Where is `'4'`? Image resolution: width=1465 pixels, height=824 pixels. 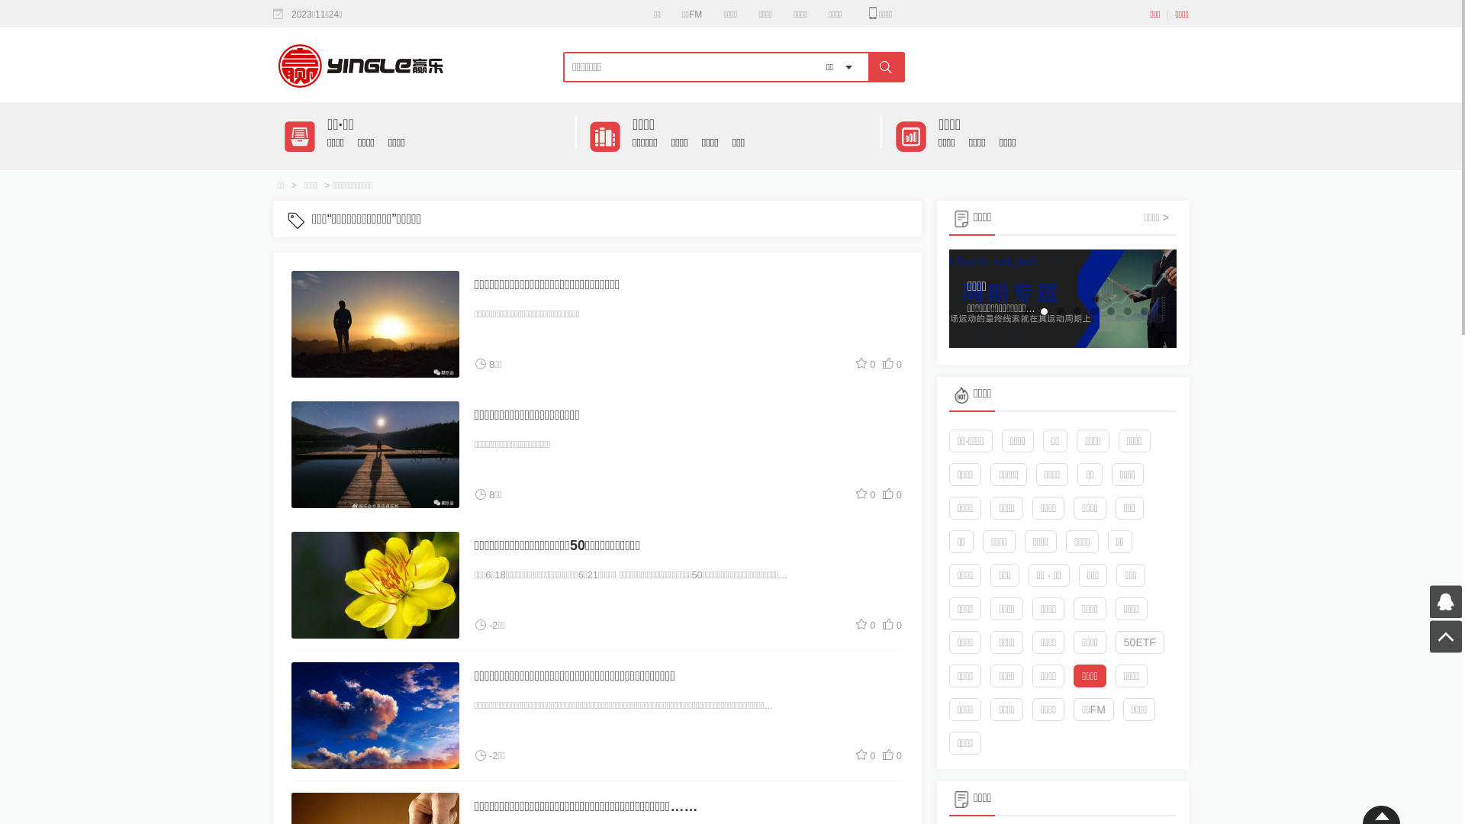
'4' is located at coordinates (1026, 311).